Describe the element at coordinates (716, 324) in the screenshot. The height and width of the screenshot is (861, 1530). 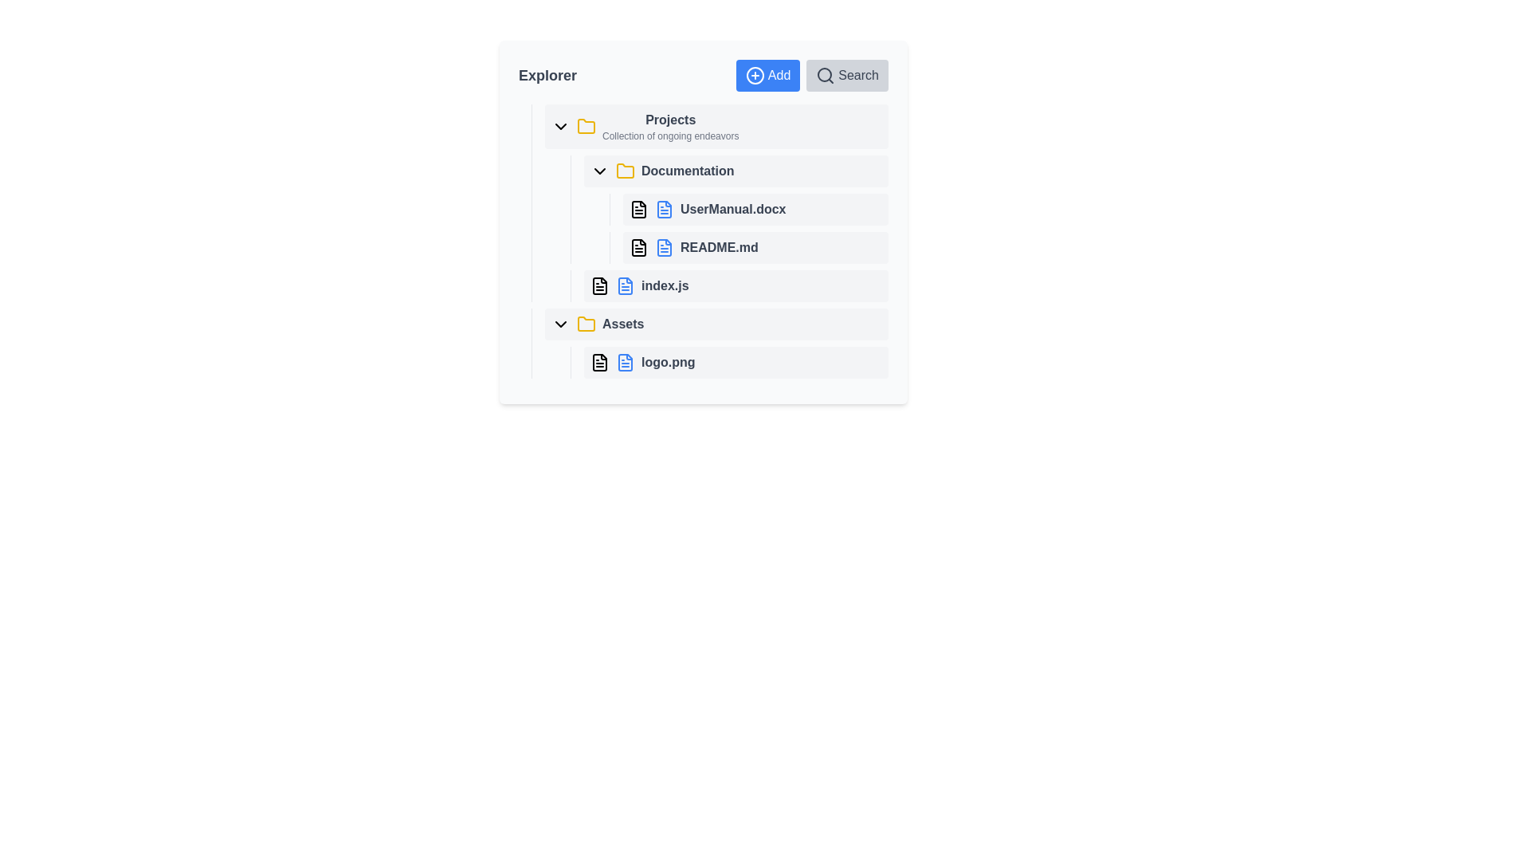
I see `the 'Assets' folder in the file explorer` at that location.